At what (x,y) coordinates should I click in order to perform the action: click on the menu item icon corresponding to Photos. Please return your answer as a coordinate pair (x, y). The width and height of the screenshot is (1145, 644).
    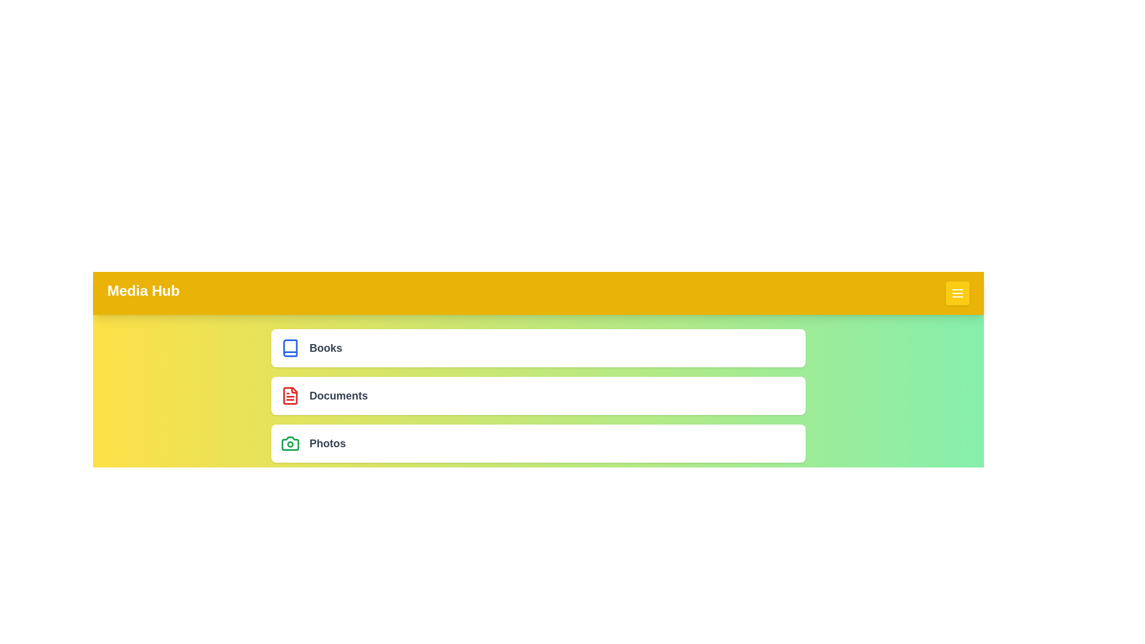
    Looking at the image, I should click on (290, 444).